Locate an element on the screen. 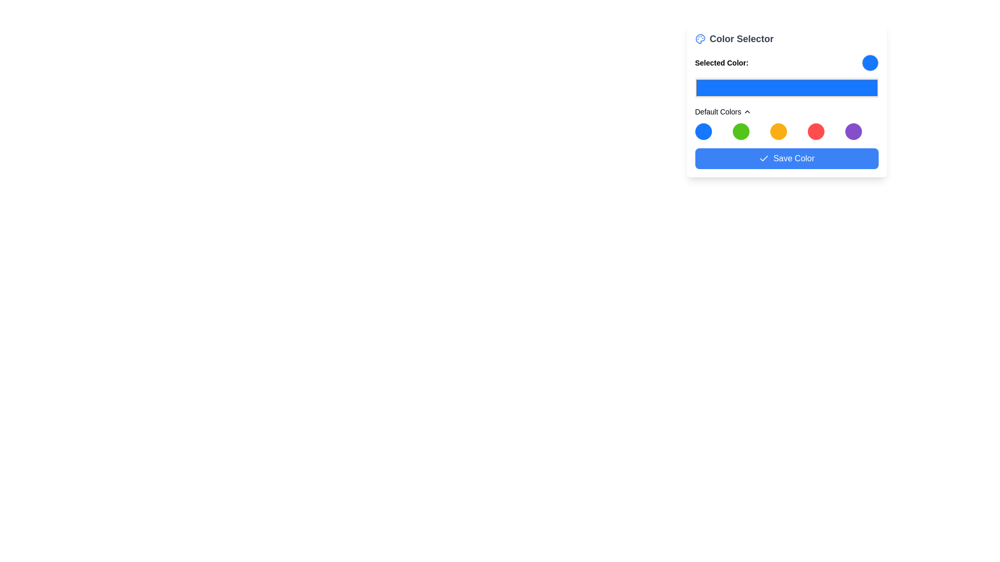 This screenshot has width=1000, height=562. the blue palette icon located at the top left of the color-selection widget, which is above the 'Color Selector' text, to visually identify the section is located at coordinates (700, 38).